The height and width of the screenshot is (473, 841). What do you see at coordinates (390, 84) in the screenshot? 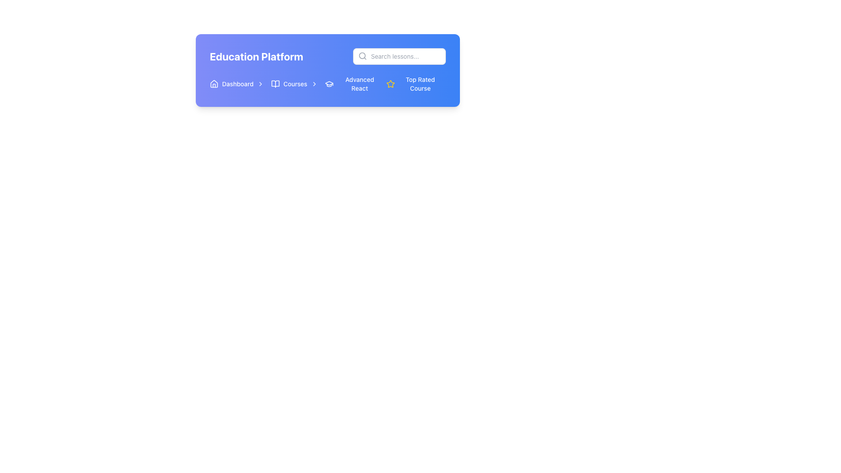
I see `the star icon with a yellow outline located near the text 'Top Rated Course' in the navigation bar` at bounding box center [390, 84].